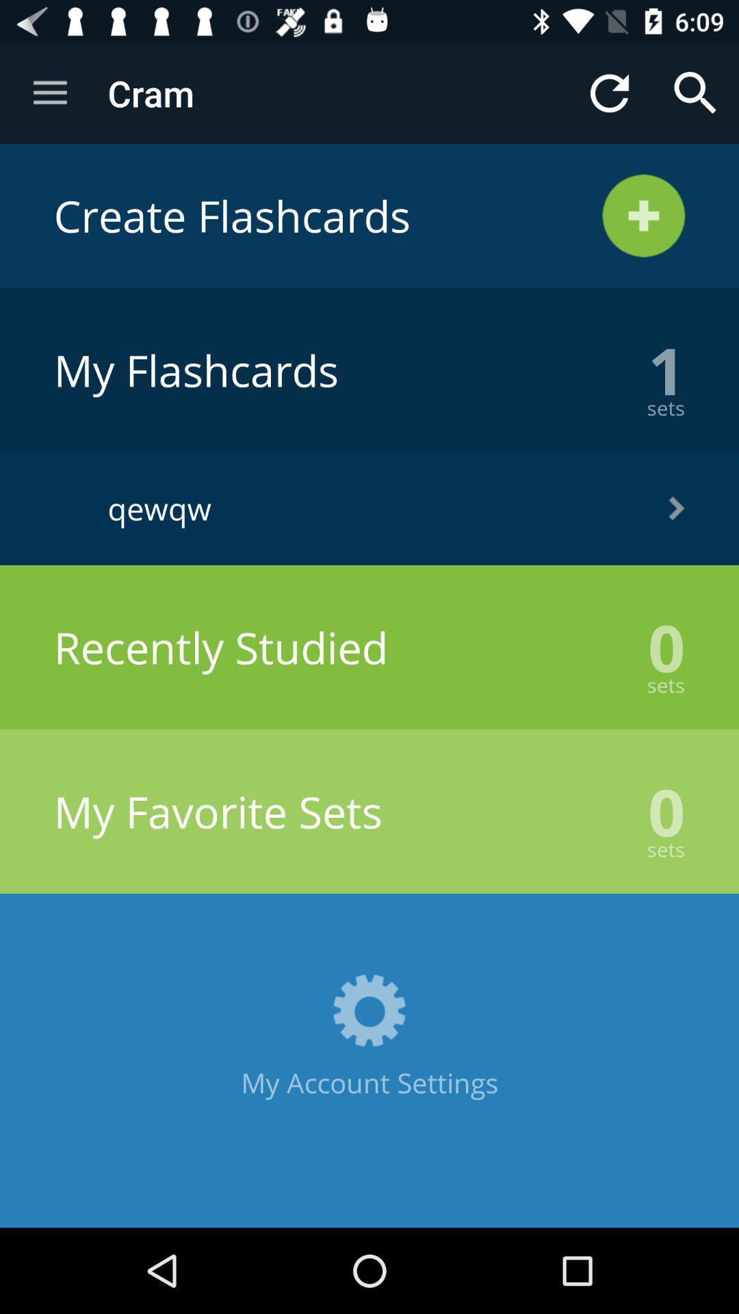 This screenshot has height=1314, width=739. What do you see at coordinates (609, 92) in the screenshot?
I see `the item above the create flashcards` at bounding box center [609, 92].